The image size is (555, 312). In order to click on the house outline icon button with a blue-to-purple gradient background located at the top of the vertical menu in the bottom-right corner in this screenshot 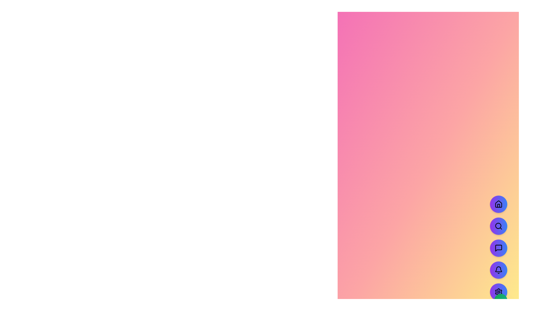, I will do `click(498, 204)`.